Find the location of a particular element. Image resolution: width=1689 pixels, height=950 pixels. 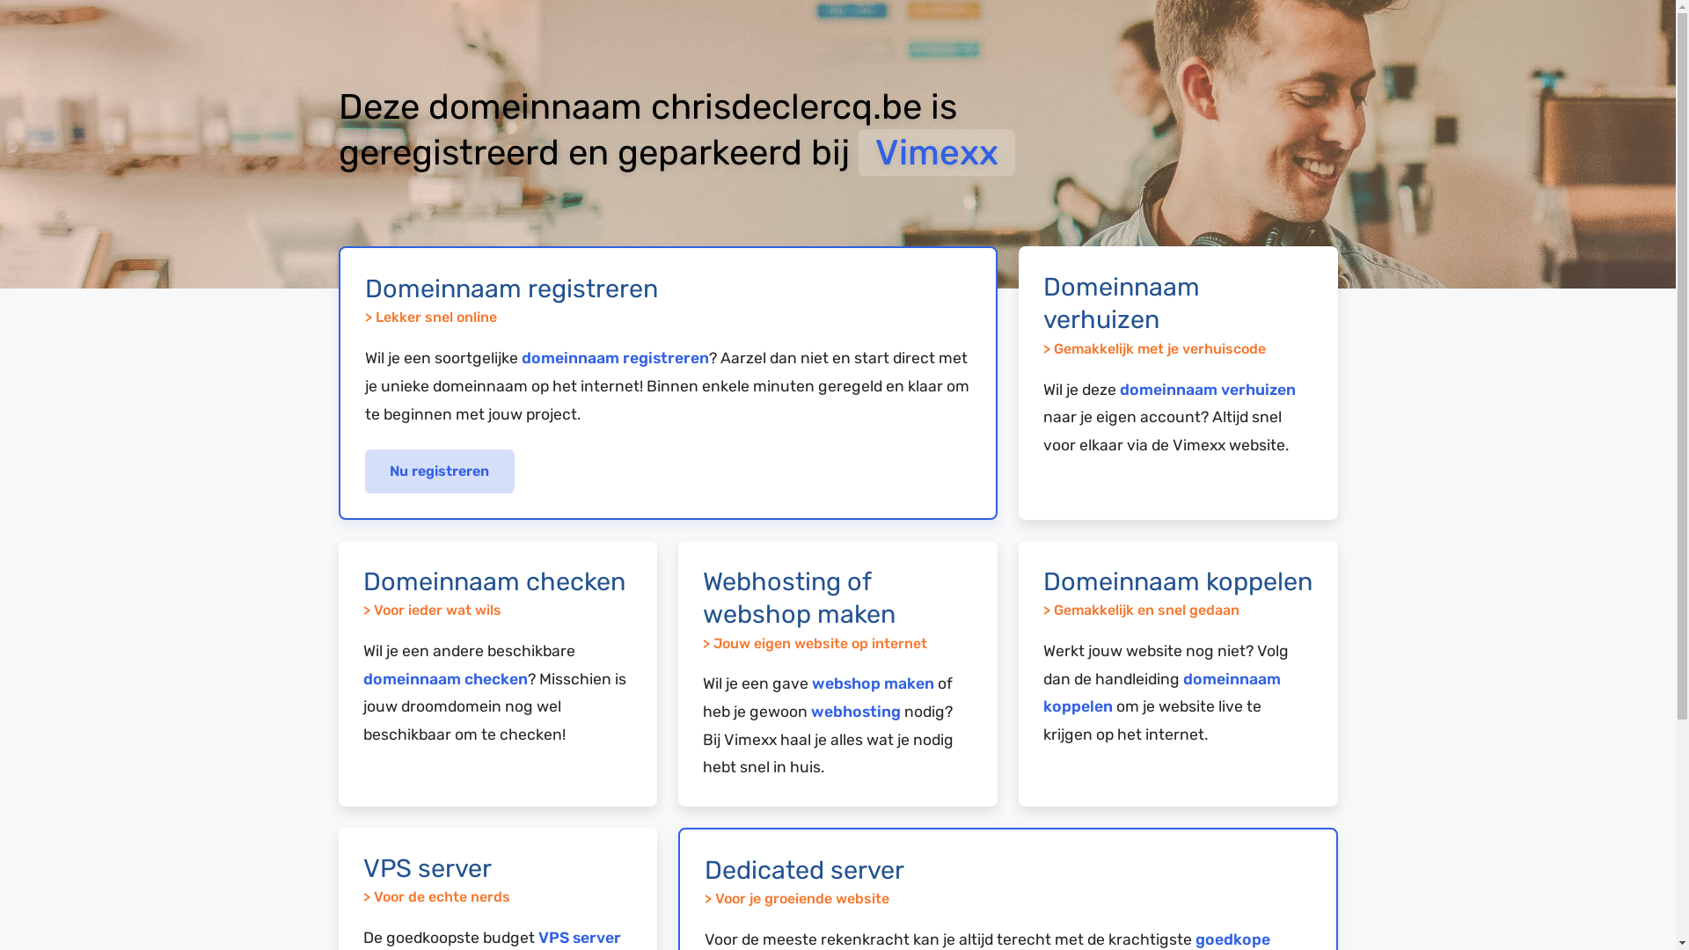

'Nu registreren' is located at coordinates (362, 471).